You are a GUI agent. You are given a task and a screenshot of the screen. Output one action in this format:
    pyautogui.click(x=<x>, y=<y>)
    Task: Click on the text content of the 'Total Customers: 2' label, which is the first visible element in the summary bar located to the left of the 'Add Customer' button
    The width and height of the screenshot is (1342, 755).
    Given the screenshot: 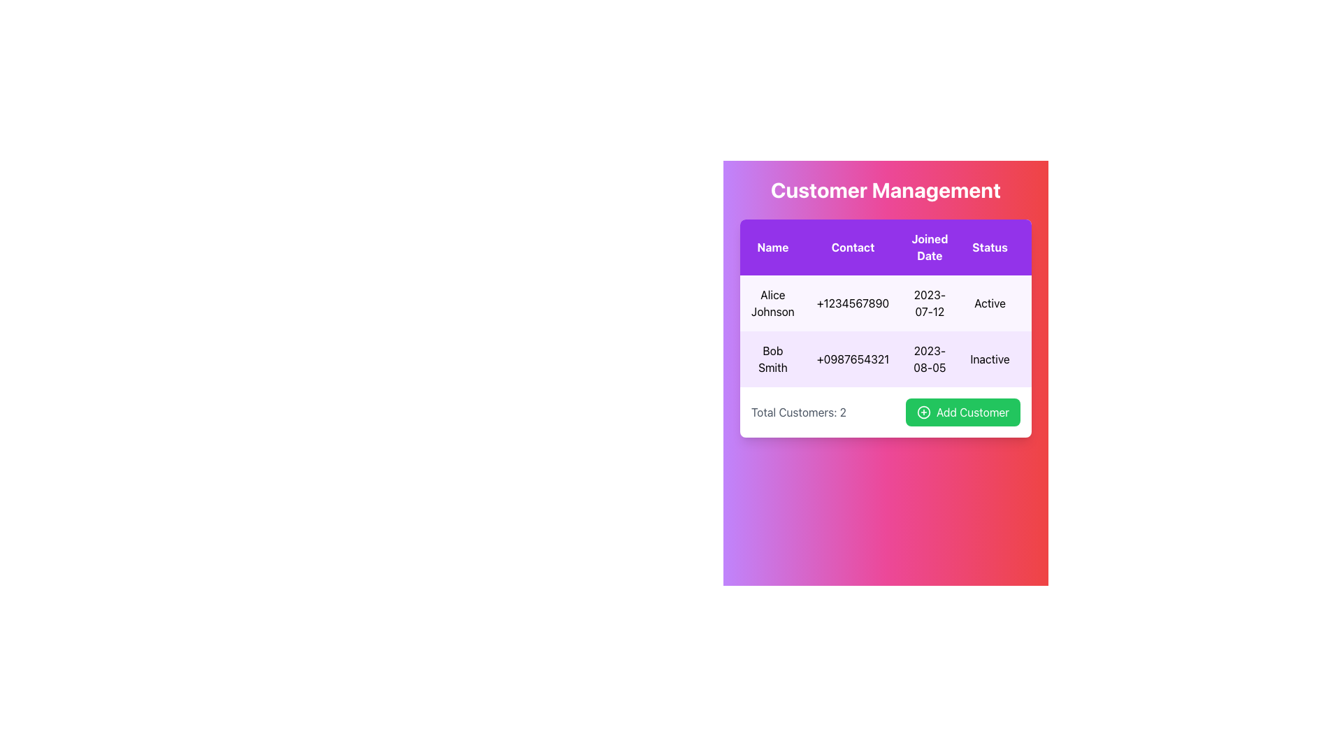 What is the action you would take?
    pyautogui.click(x=798, y=412)
    